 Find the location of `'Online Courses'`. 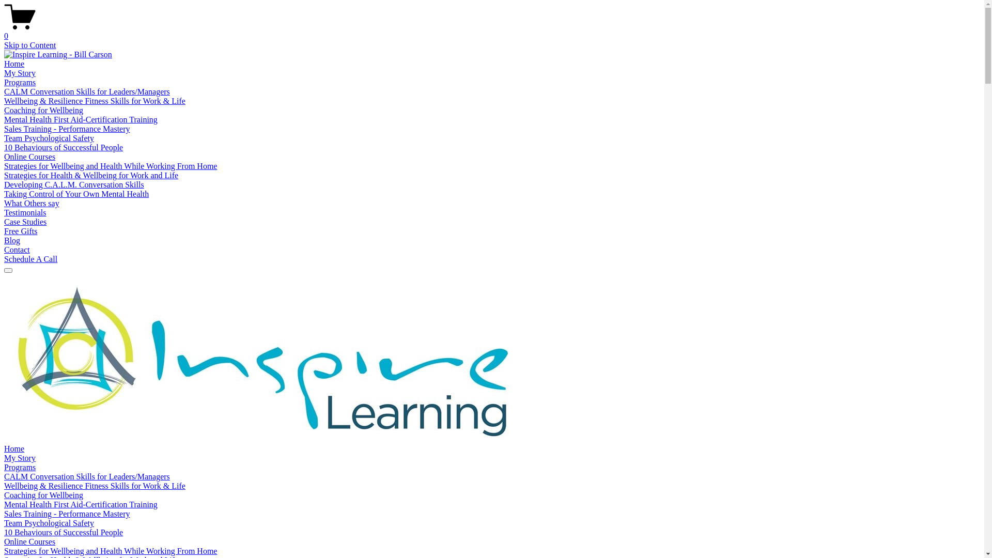

'Online Courses' is located at coordinates (4, 541).